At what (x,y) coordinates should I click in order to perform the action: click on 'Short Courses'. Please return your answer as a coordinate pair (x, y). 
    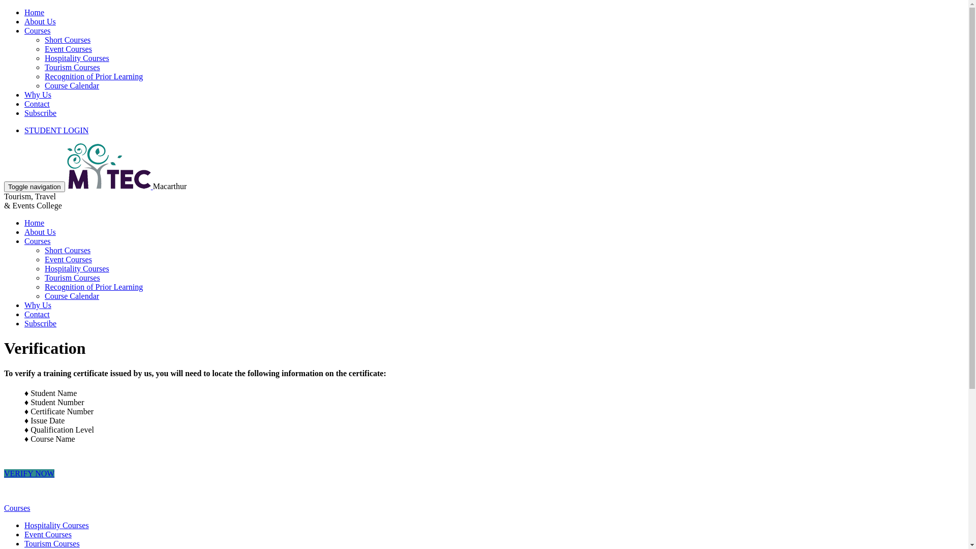
    Looking at the image, I should click on (67, 250).